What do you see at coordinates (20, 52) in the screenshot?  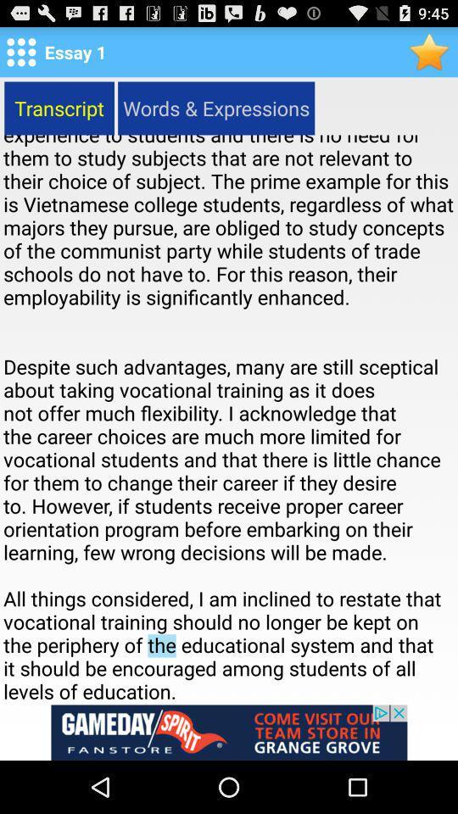 I see `click menu option` at bounding box center [20, 52].